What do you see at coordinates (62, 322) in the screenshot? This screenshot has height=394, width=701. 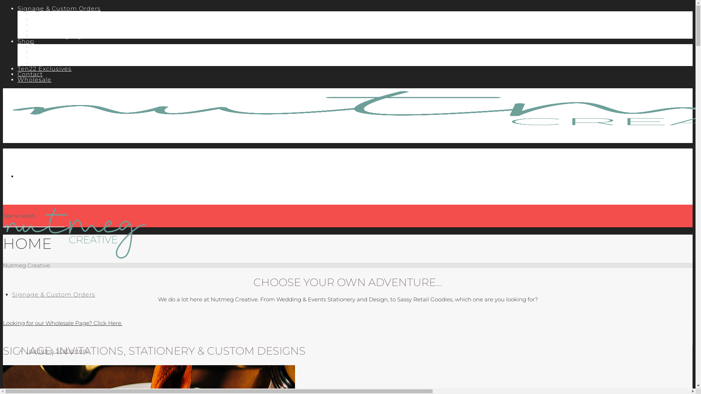 I see `'Looking for our Wholesale Page? Click Here.'` at bounding box center [62, 322].